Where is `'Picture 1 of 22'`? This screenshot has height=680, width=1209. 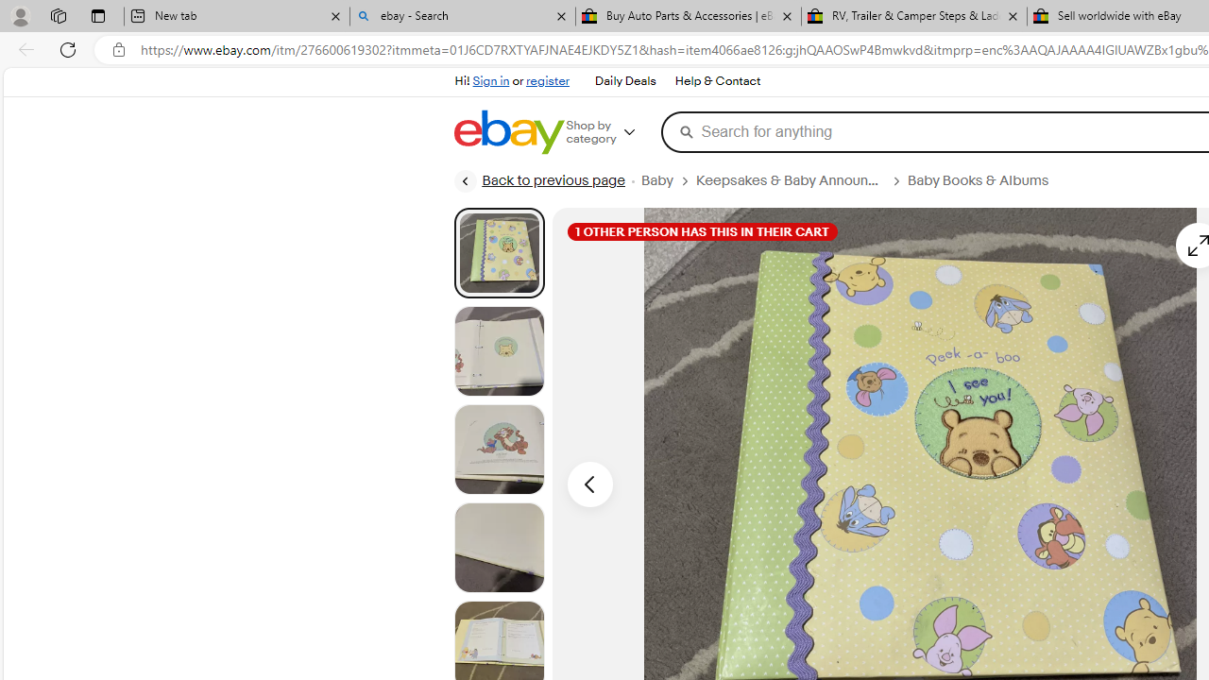
'Picture 1 of 22' is located at coordinates (499, 252).